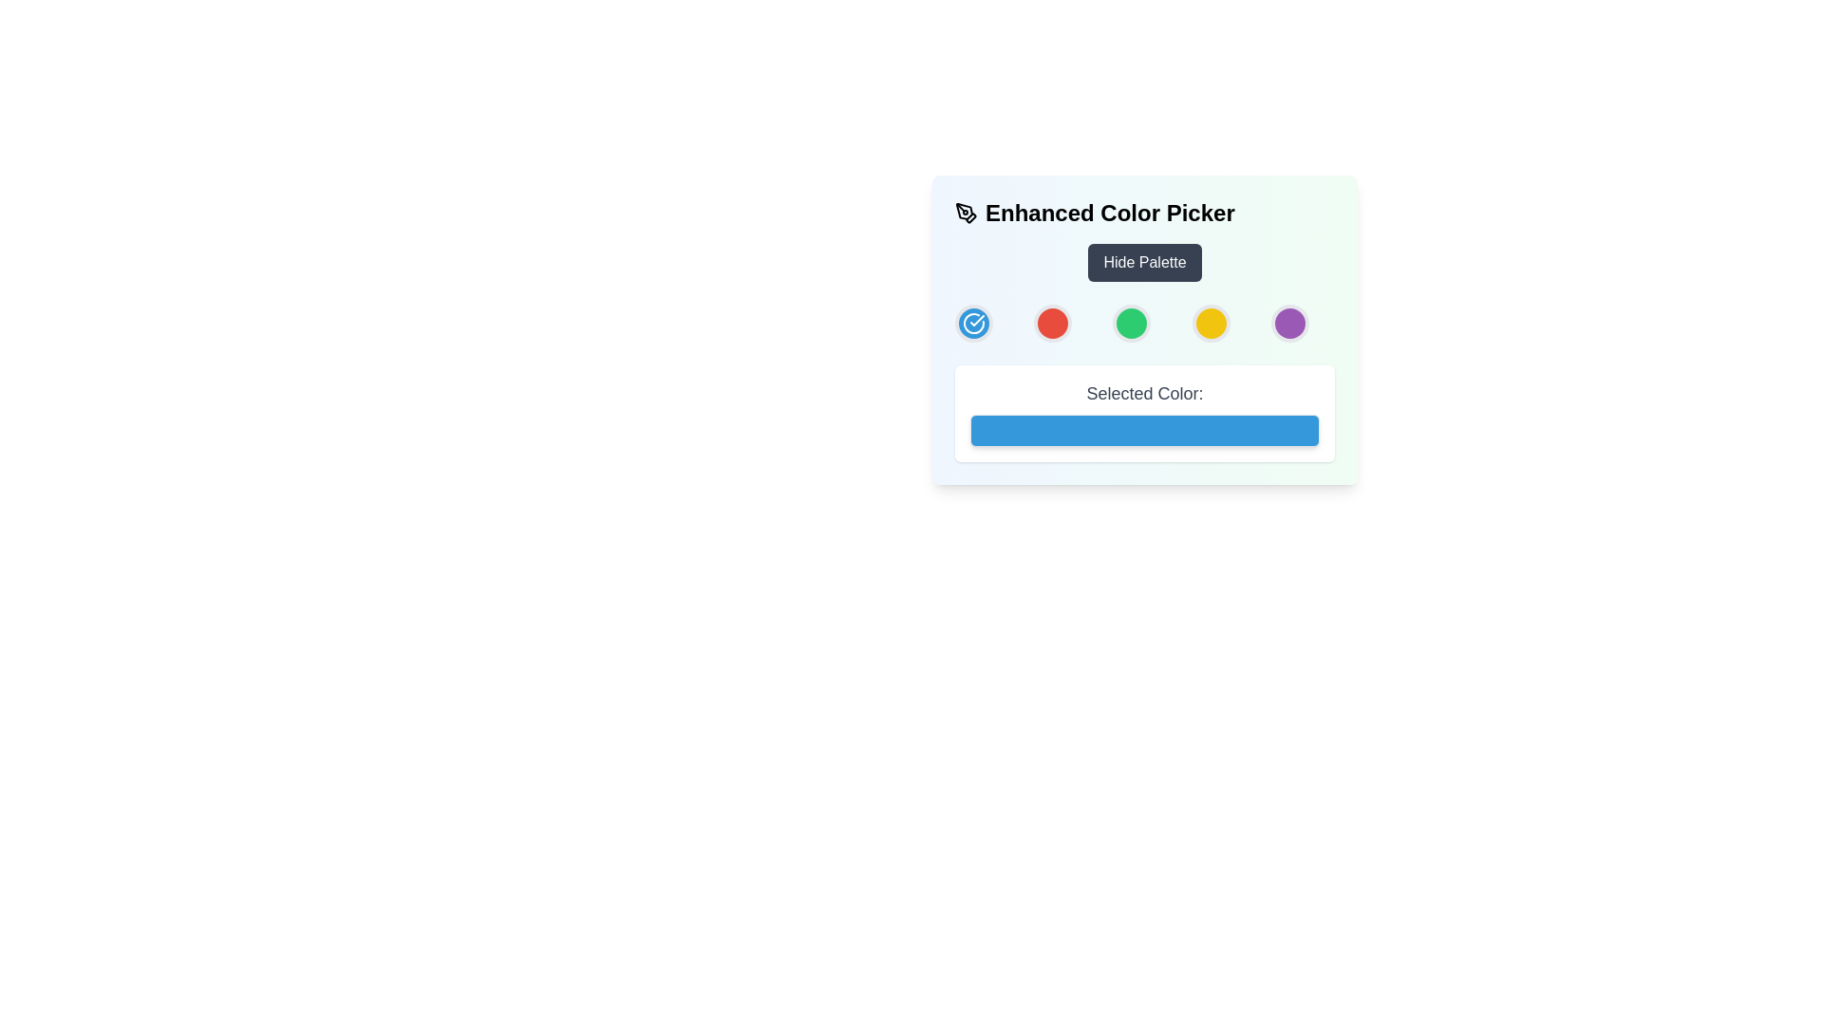  What do you see at coordinates (1143, 263) in the screenshot?
I see `the 'Hide Palette' button, which is a rectangular button with rounded corners, dark gray background, and white text, located below the title 'Enhanced Color Picker'` at bounding box center [1143, 263].